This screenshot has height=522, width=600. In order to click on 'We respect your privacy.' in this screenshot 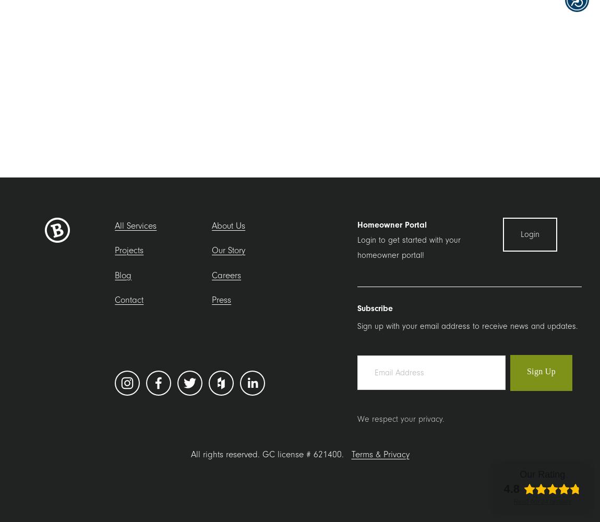, I will do `click(400, 419)`.